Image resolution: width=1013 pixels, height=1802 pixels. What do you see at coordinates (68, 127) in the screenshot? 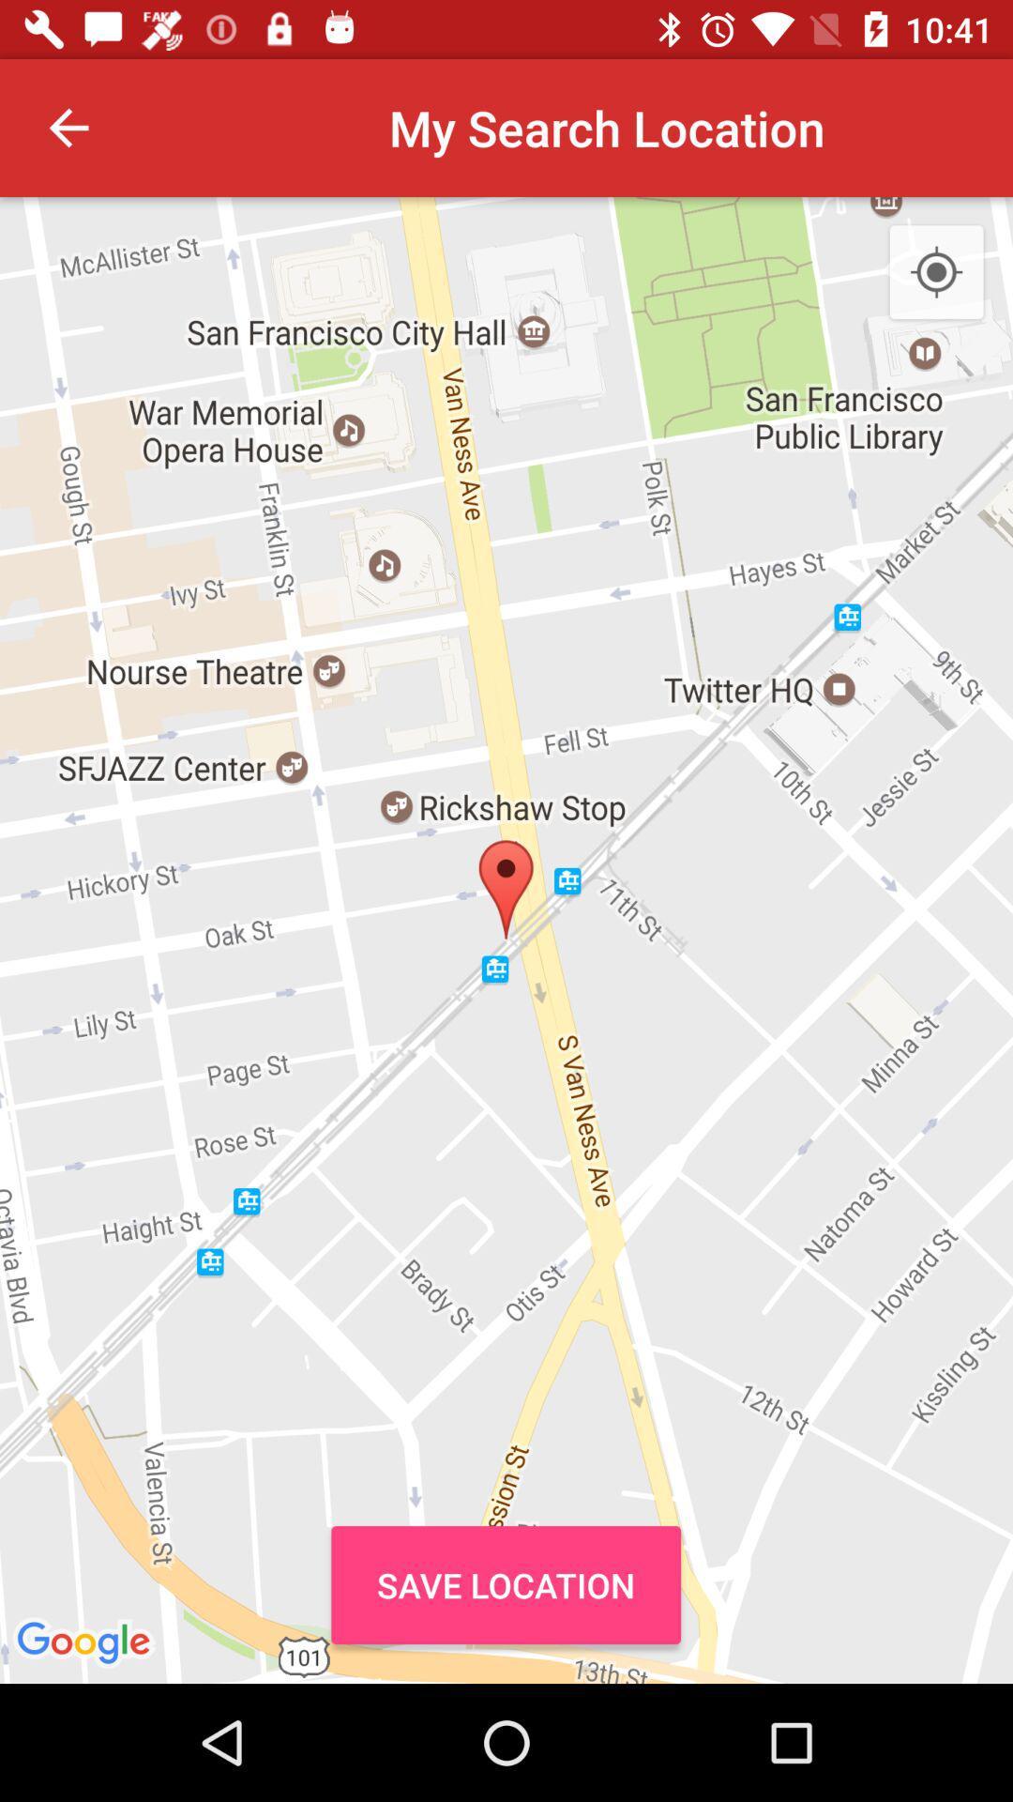
I see `item next to my search location item` at bounding box center [68, 127].